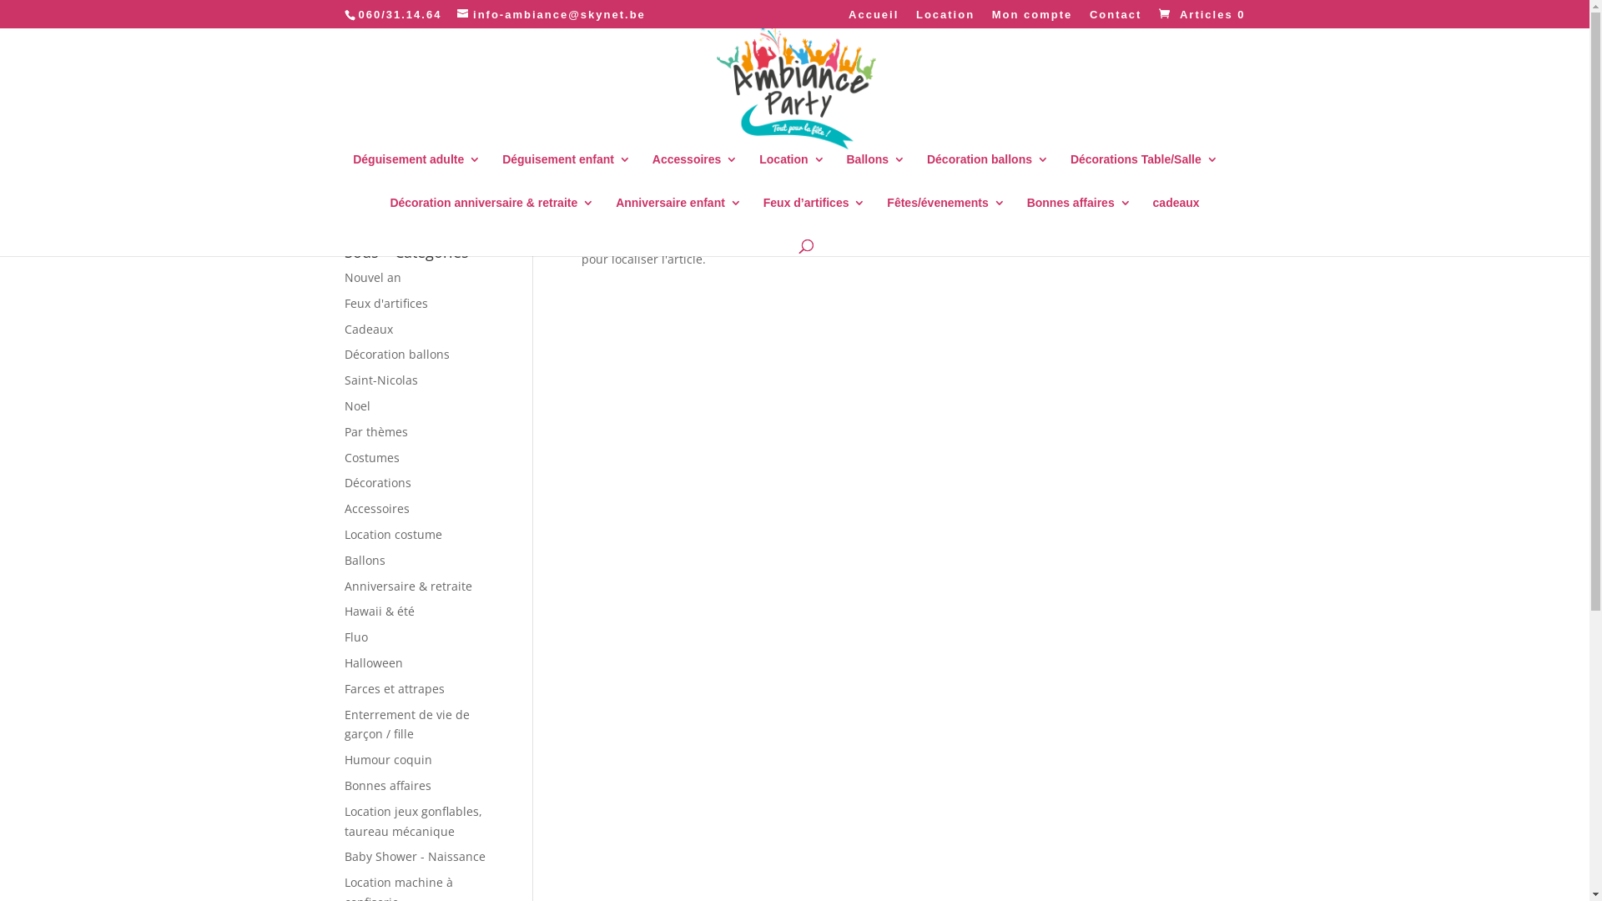 The height and width of the screenshot is (901, 1602). What do you see at coordinates (1031, 18) in the screenshot?
I see `'Mon compte'` at bounding box center [1031, 18].